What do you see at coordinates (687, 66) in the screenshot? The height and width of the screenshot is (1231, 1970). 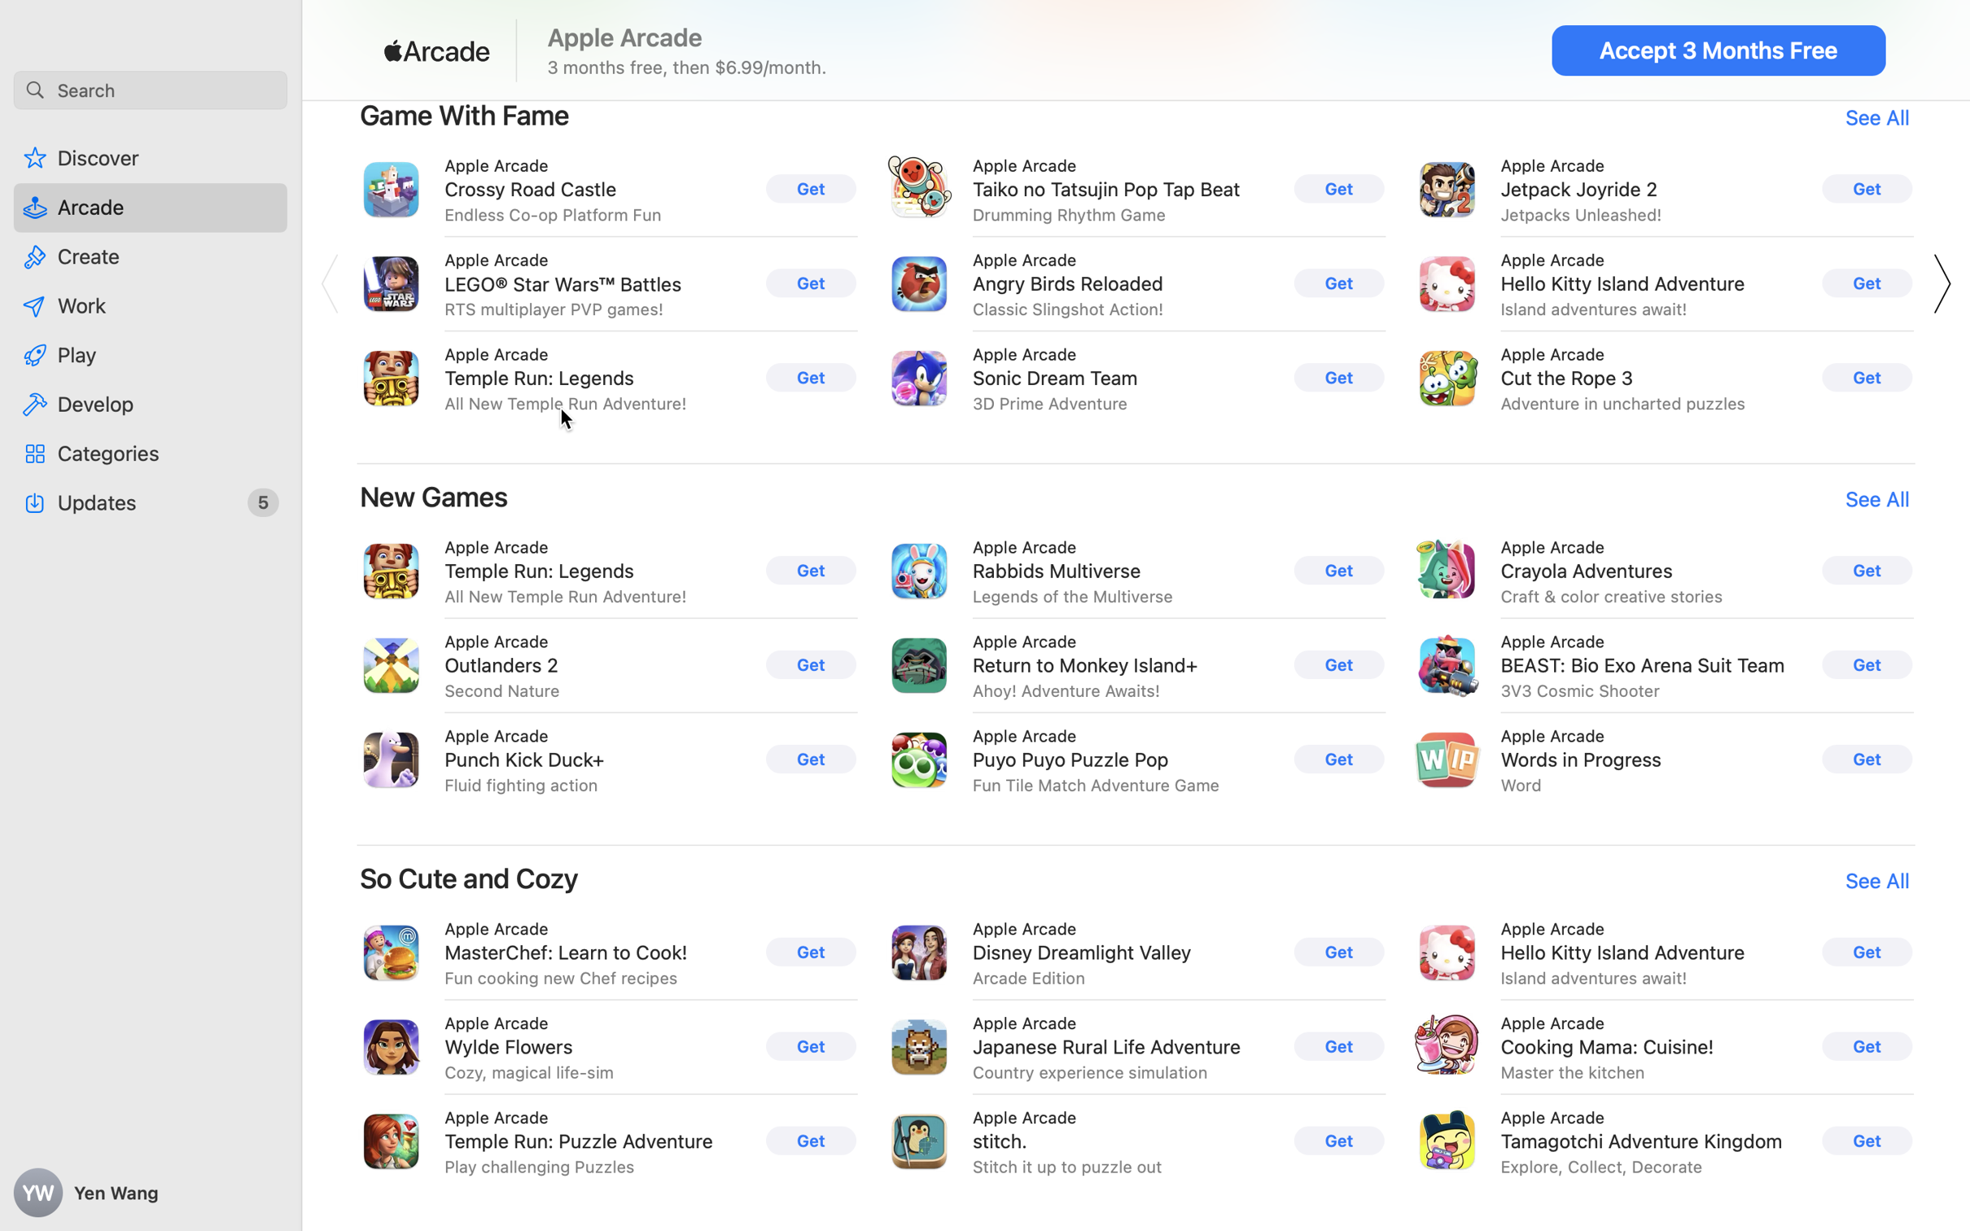 I see `'3 months free, then $6.99/month.'` at bounding box center [687, 66].